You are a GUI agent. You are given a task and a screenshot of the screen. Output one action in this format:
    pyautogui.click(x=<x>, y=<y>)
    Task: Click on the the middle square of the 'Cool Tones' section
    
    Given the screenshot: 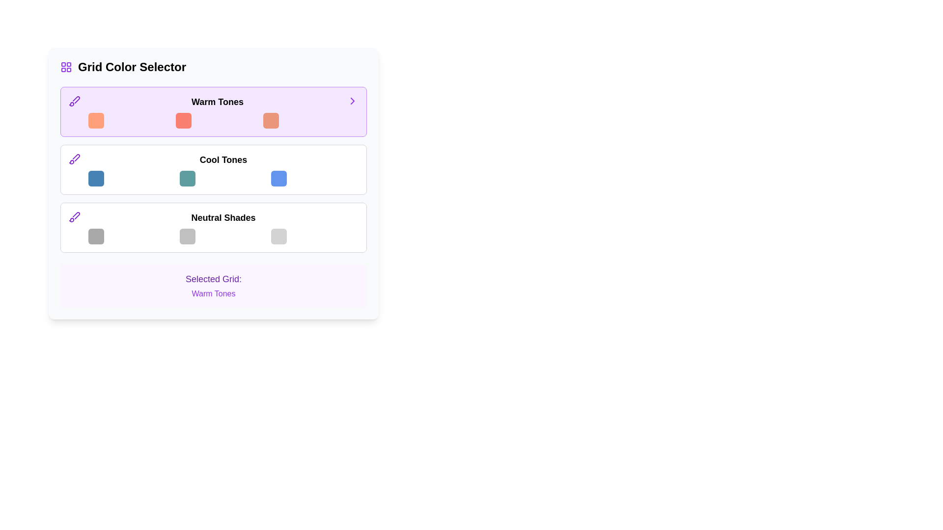 What is the action you would take?
    pyautogui.click(x=188, y=178)
    